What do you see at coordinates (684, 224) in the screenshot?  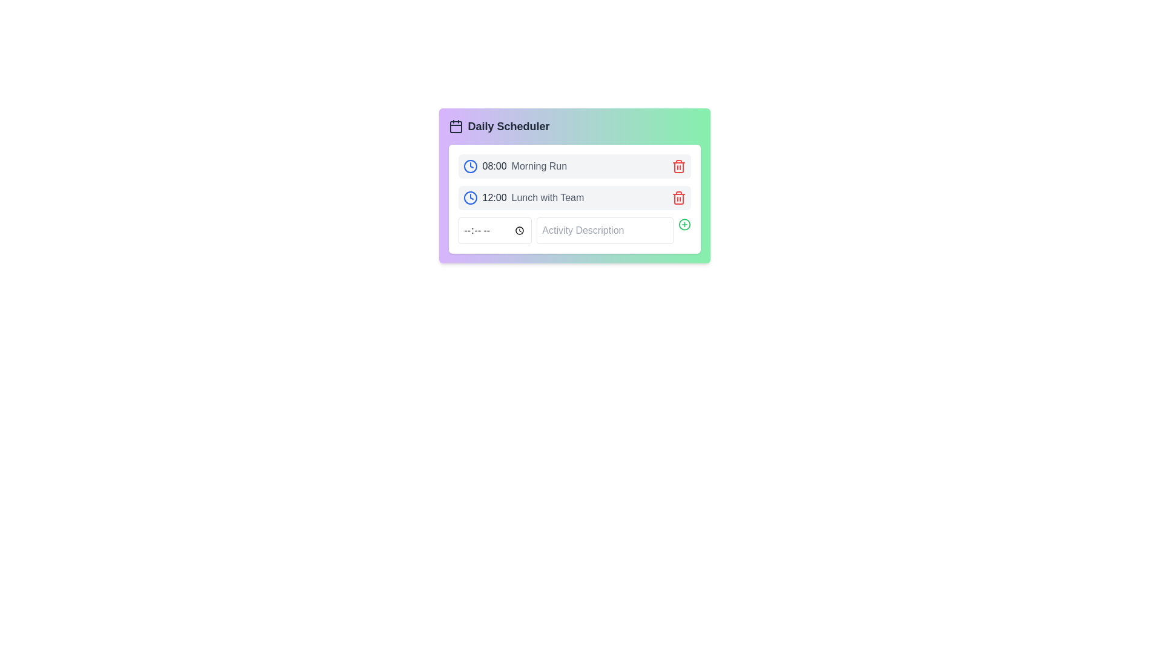 I see `the green circular icon with a plus sign, located at the far-right of the row containing the time input field and activity description input` at bounding box center [684, 224].